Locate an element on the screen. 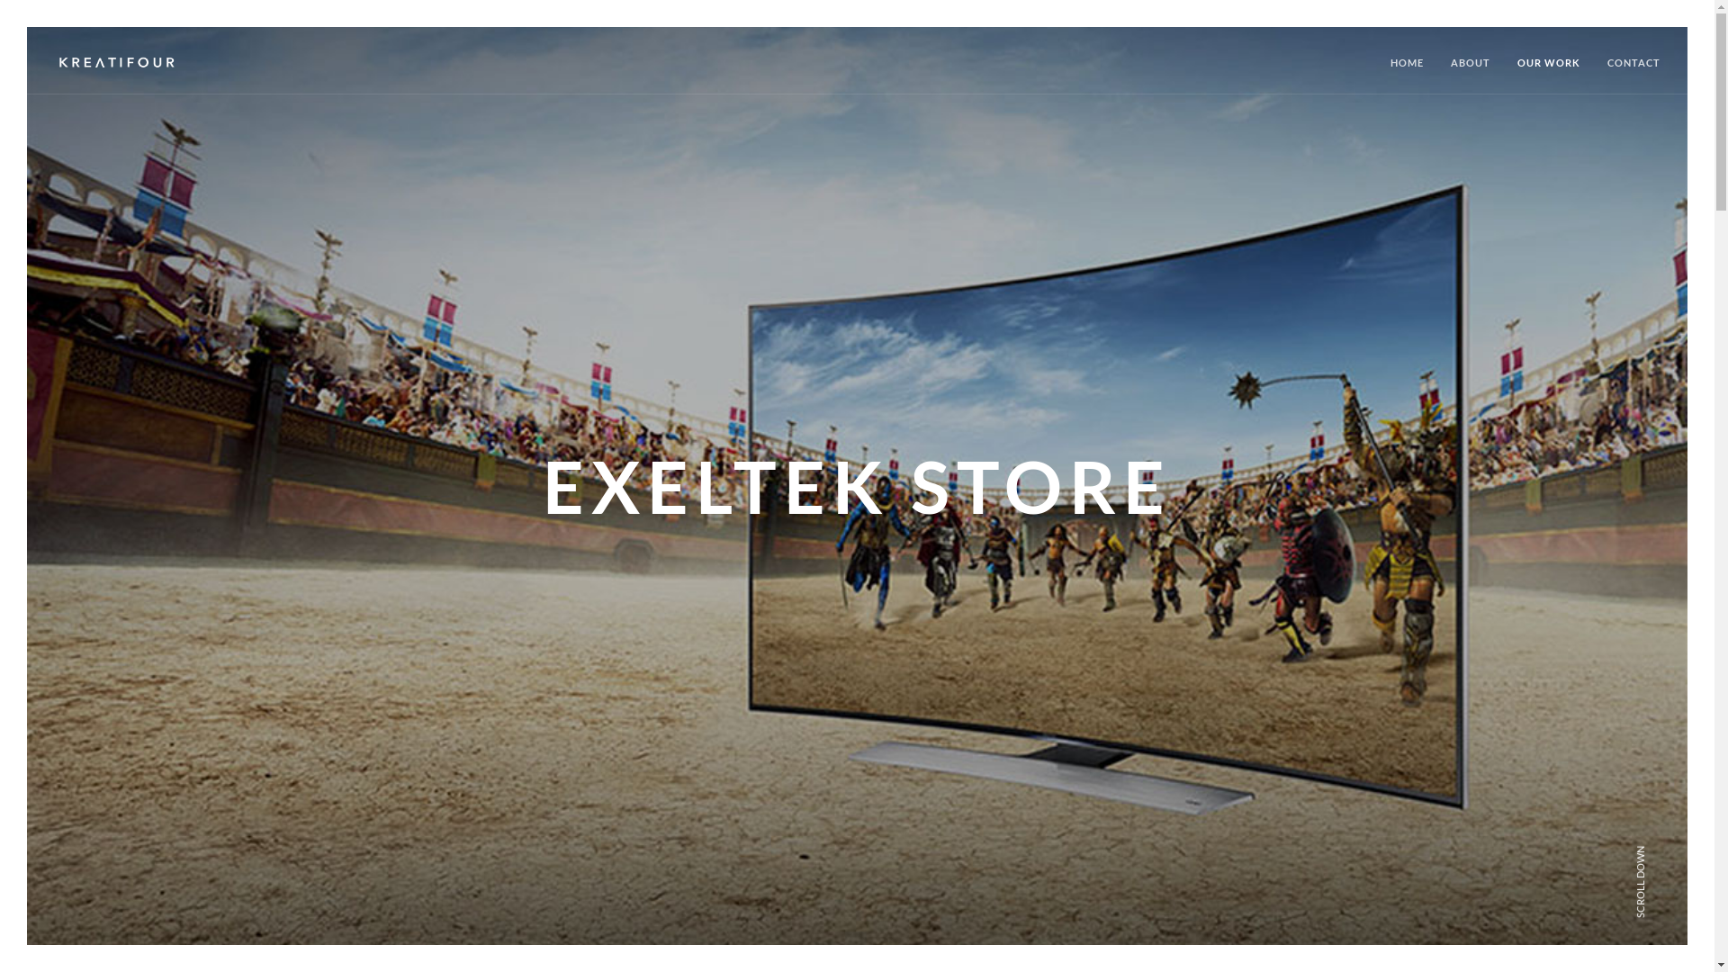  'ABOUT' is located at coordinates (1470, 72).